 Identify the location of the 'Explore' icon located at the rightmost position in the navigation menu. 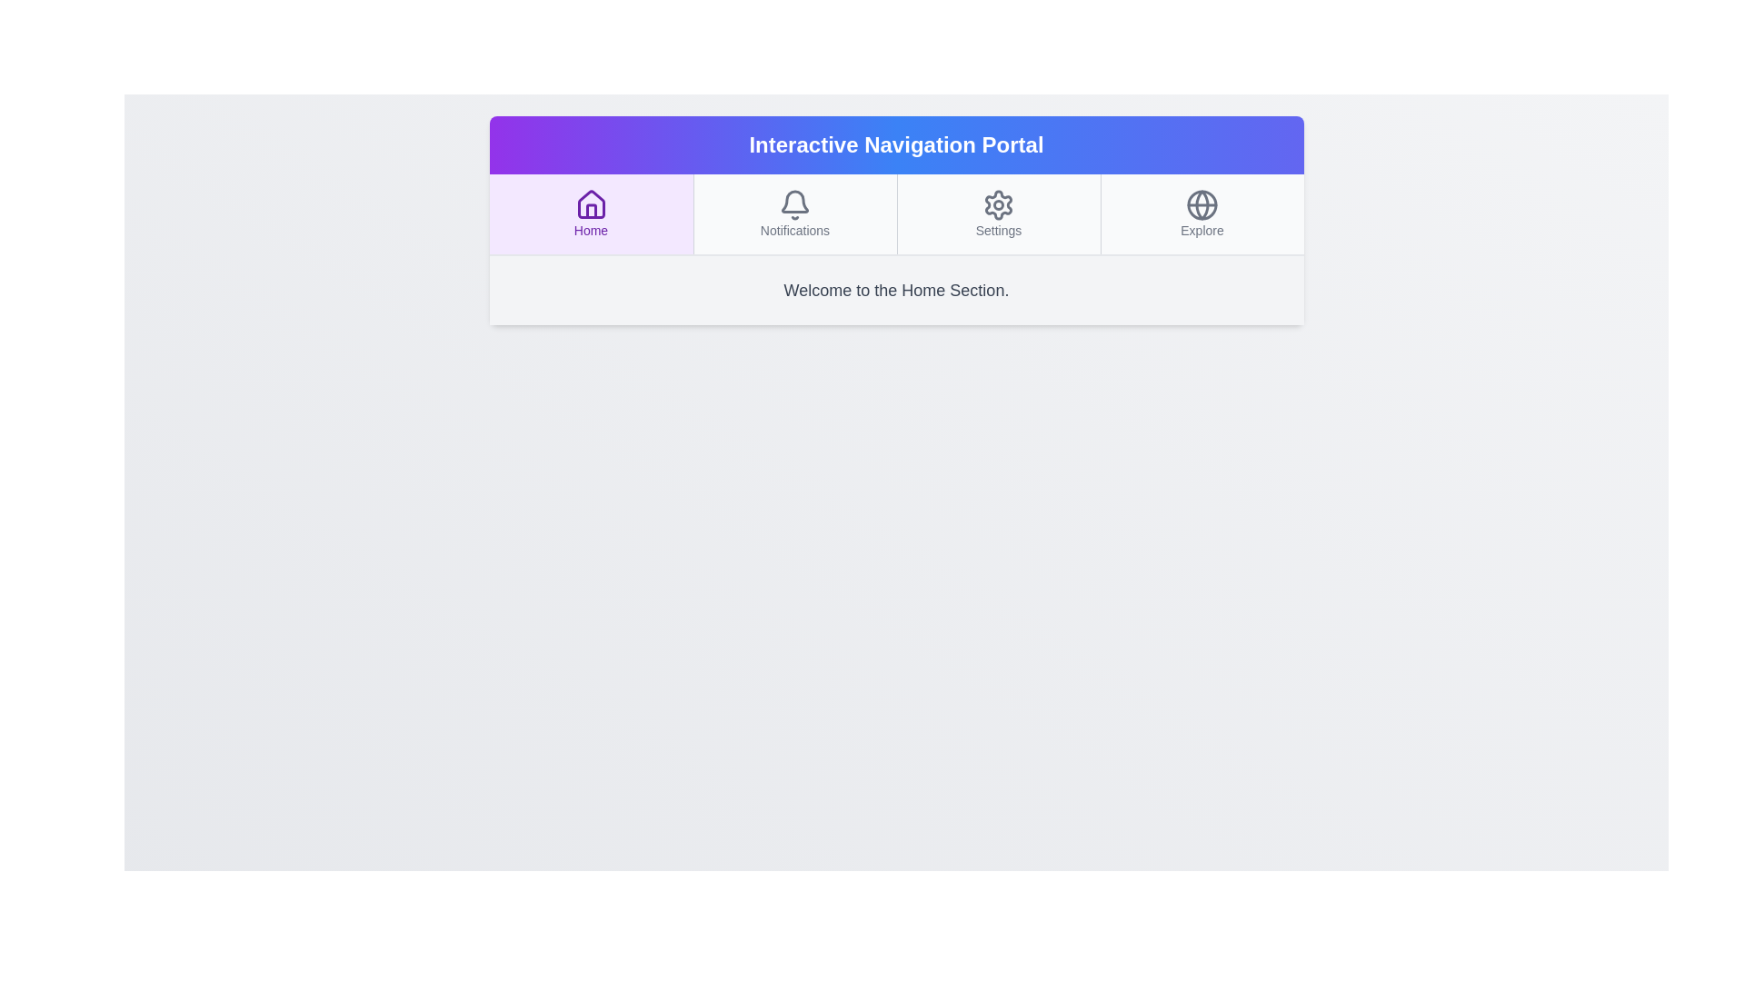
(1202, 204).